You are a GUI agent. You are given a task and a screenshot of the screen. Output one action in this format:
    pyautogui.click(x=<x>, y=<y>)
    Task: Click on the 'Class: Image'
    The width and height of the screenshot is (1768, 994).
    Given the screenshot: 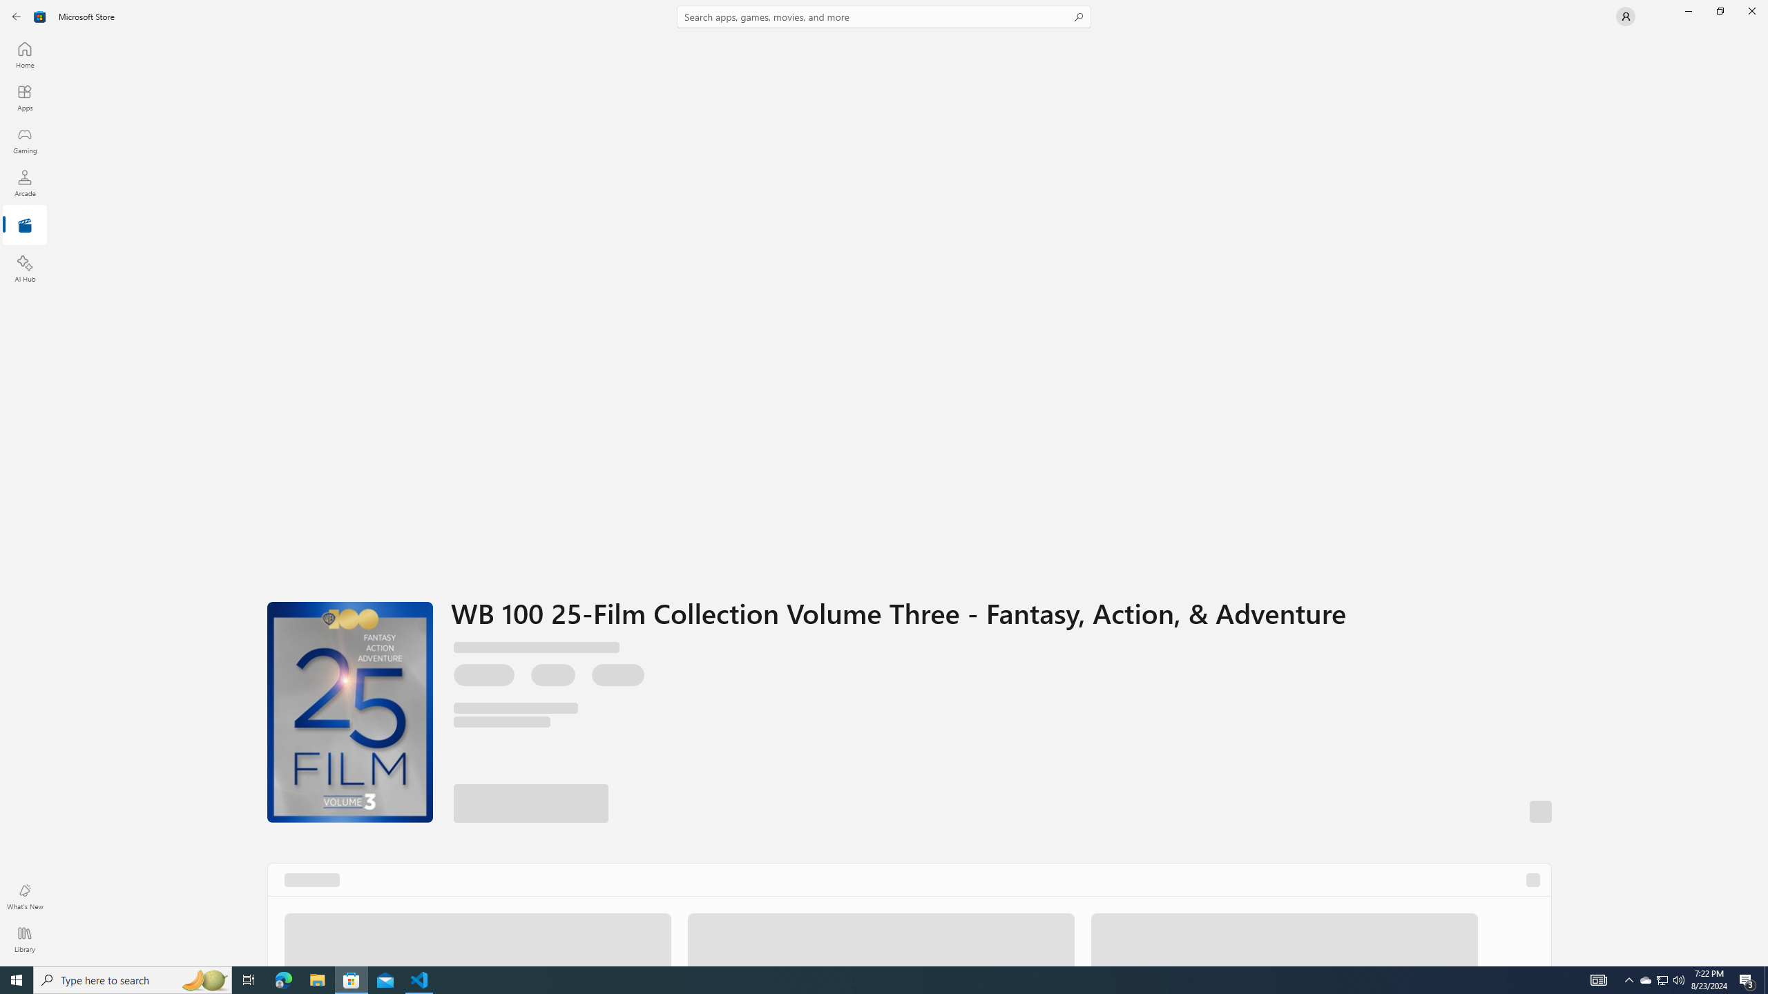 What is the action you would take?
    pyautogui.click(x=39, y=15)
    